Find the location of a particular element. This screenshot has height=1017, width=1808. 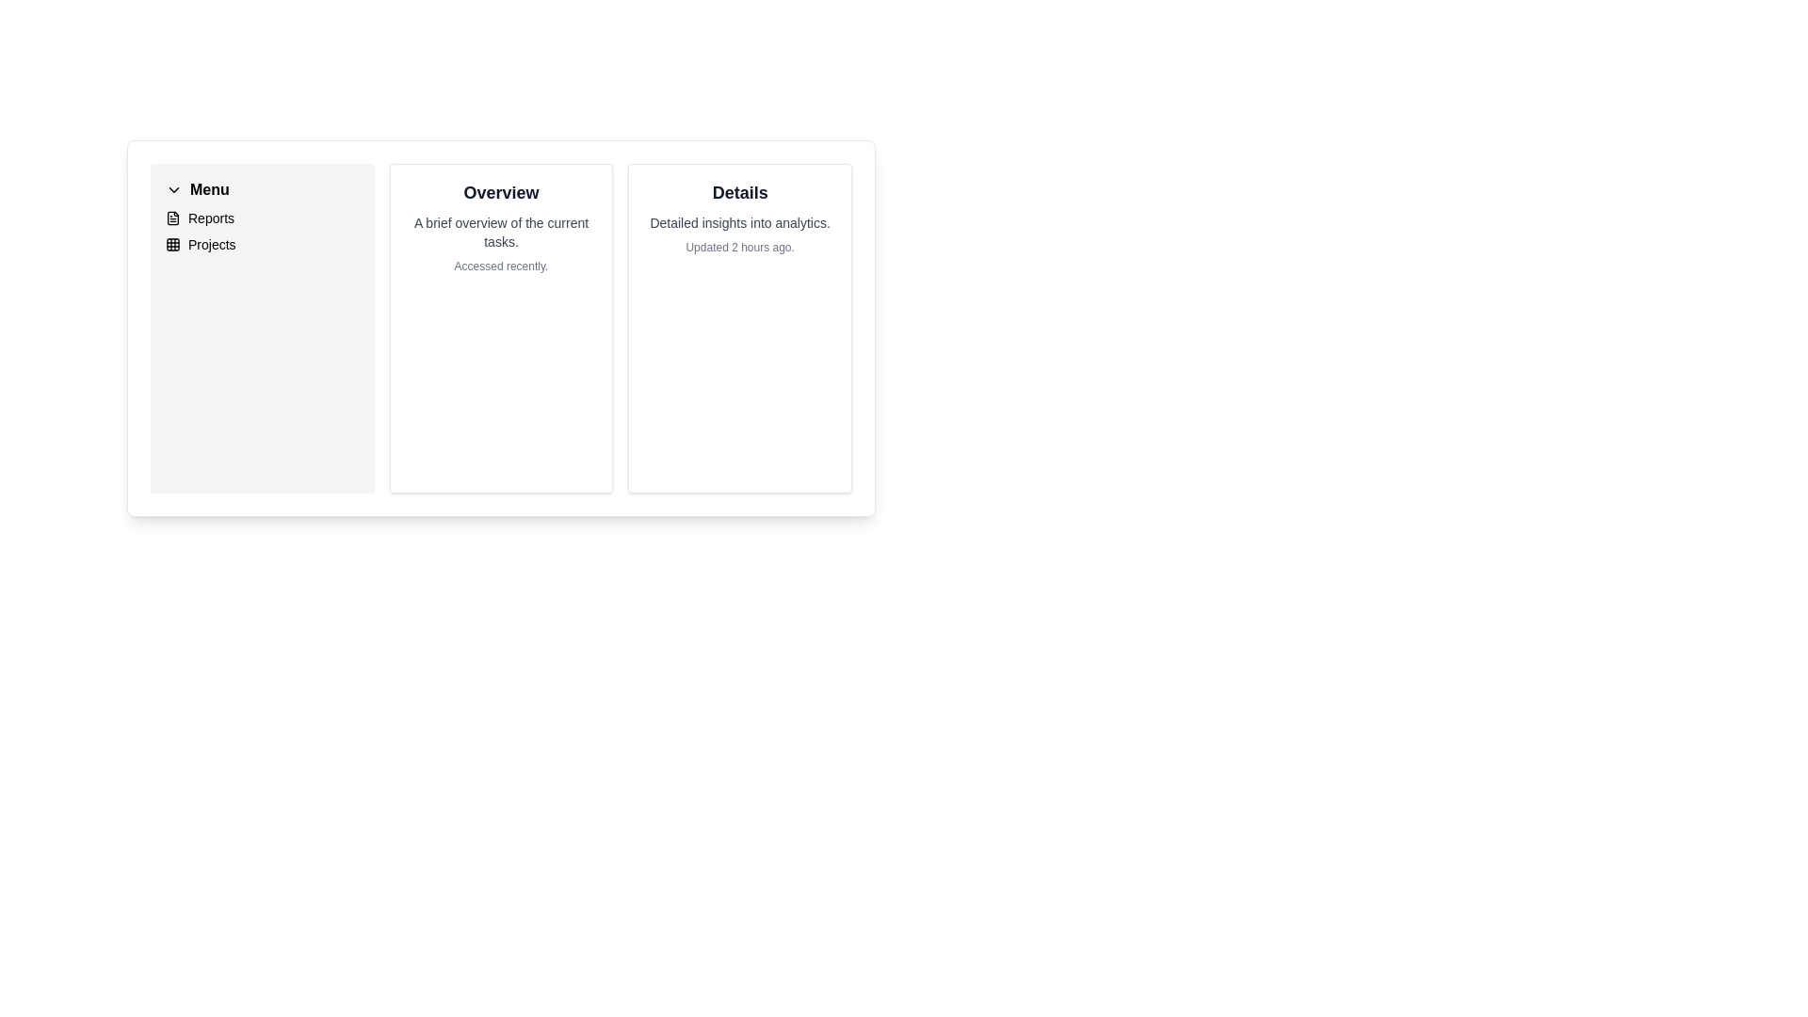

the 'Projects' navigation link located in the left sidebar menu, which is the second item below 'Reports' is located at coordinates (261, 243).